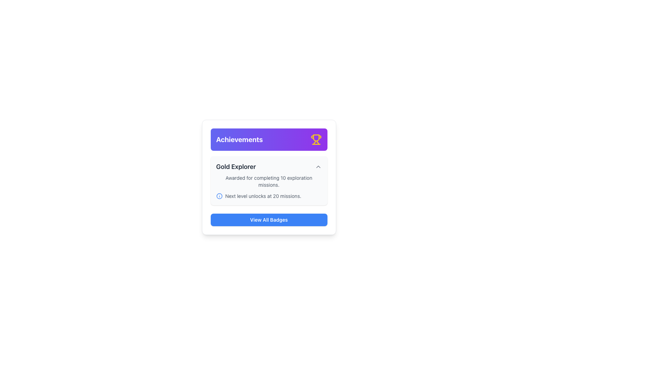 This screenshot has height=377, width=671. What do you see at coordinates (316, 140) in the screenshot?
I see `the trophy-shaped icon styled in yellow located on the top-right corner of the purple header bar labeled 'Achievements'` at bounding box center [316, 140].